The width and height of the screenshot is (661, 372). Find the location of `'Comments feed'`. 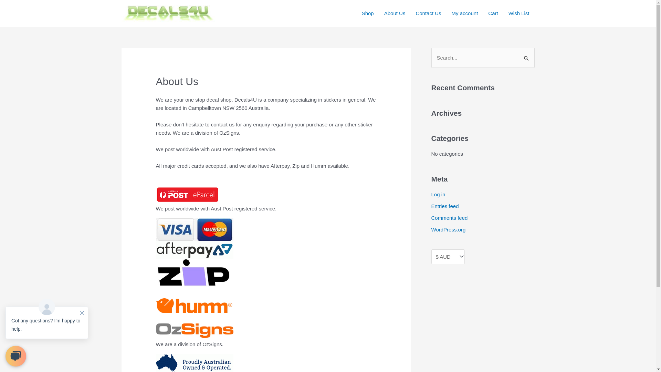

'Comments feed' is located at coordinates (431, 218).